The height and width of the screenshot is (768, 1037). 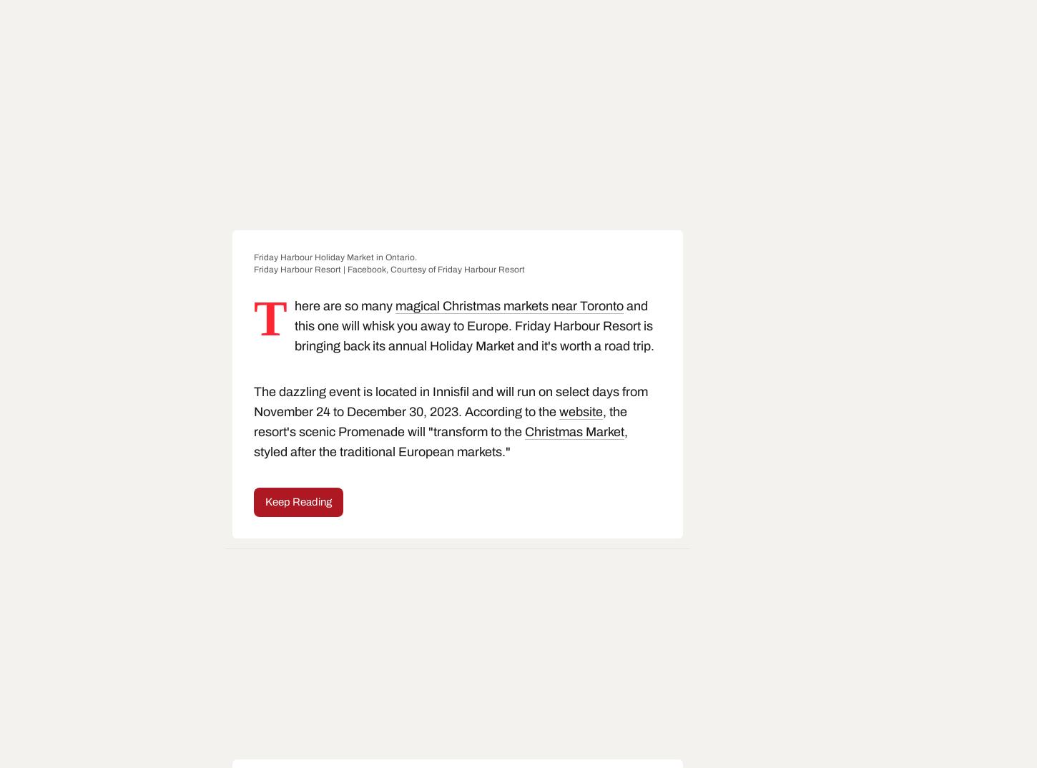 What do you see at coordinates (334, 257) in the screenshot?
I see `'Friday Harbour Holiday Market in Ontario.'` at bounding box center [334, 257].